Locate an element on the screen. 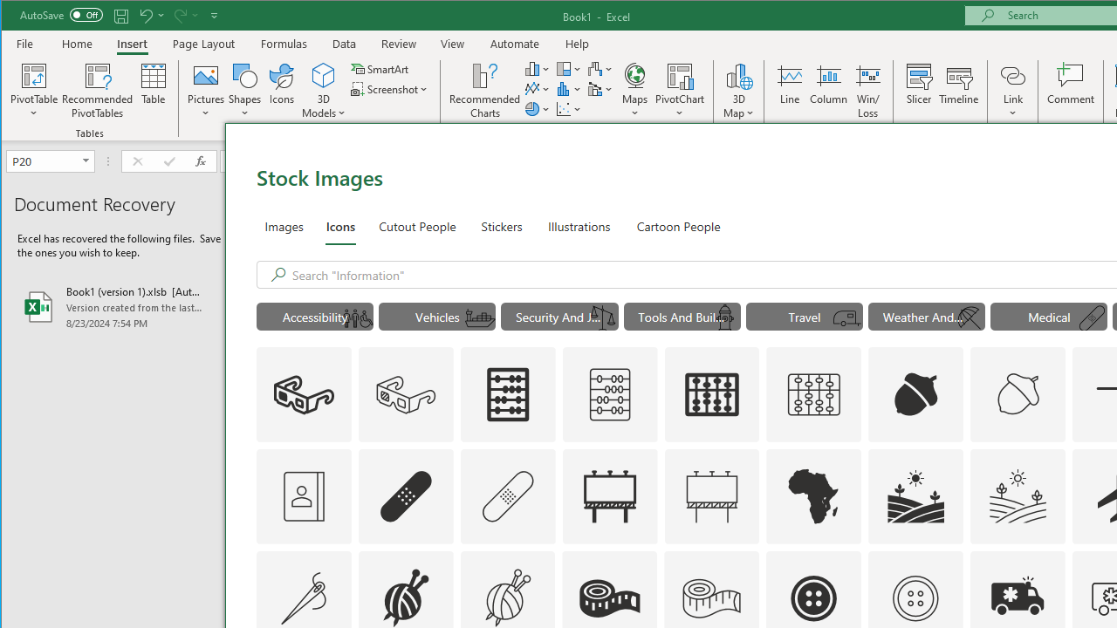  '"Travel" Icons.' is located at coordinates (804, 316).